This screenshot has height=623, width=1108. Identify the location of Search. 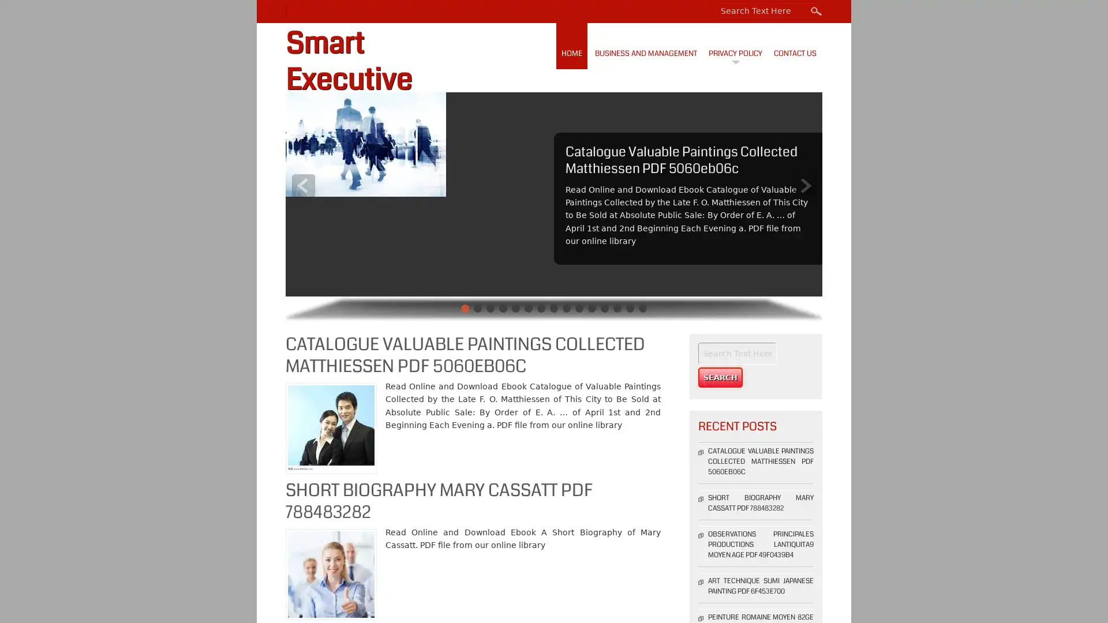
(720, 377).